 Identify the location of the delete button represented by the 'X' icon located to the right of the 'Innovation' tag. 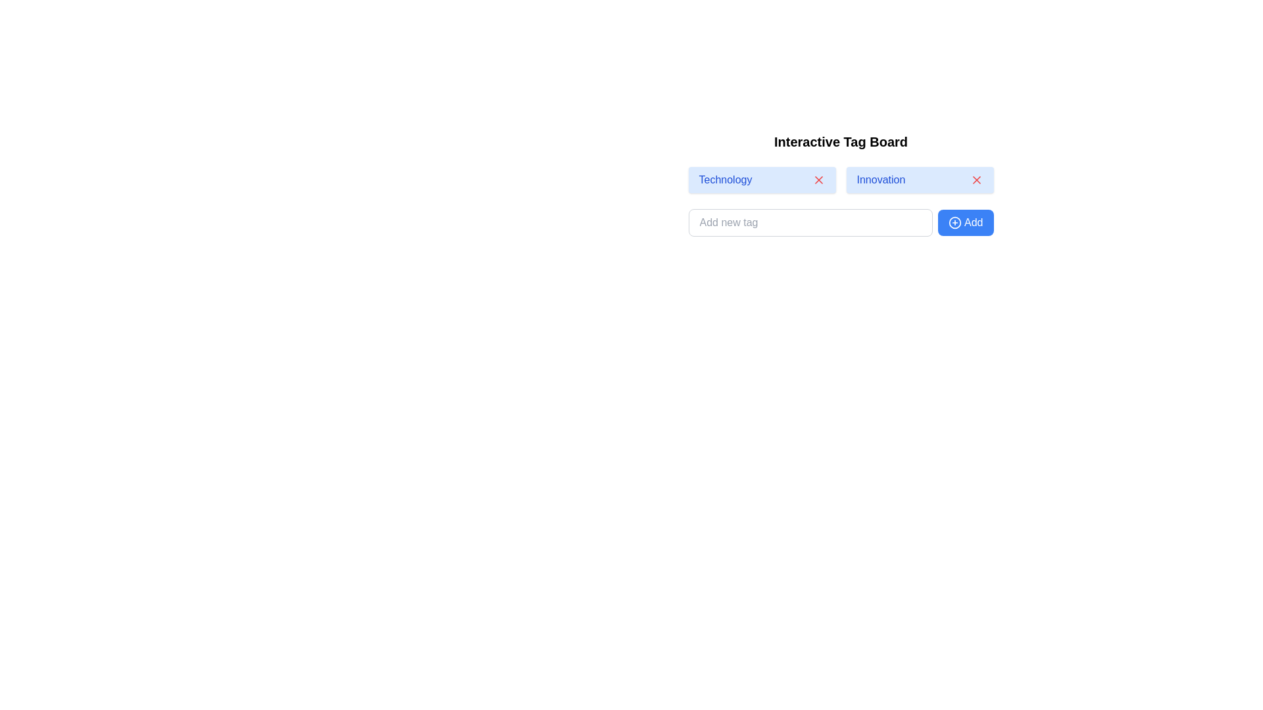
(976, 179).